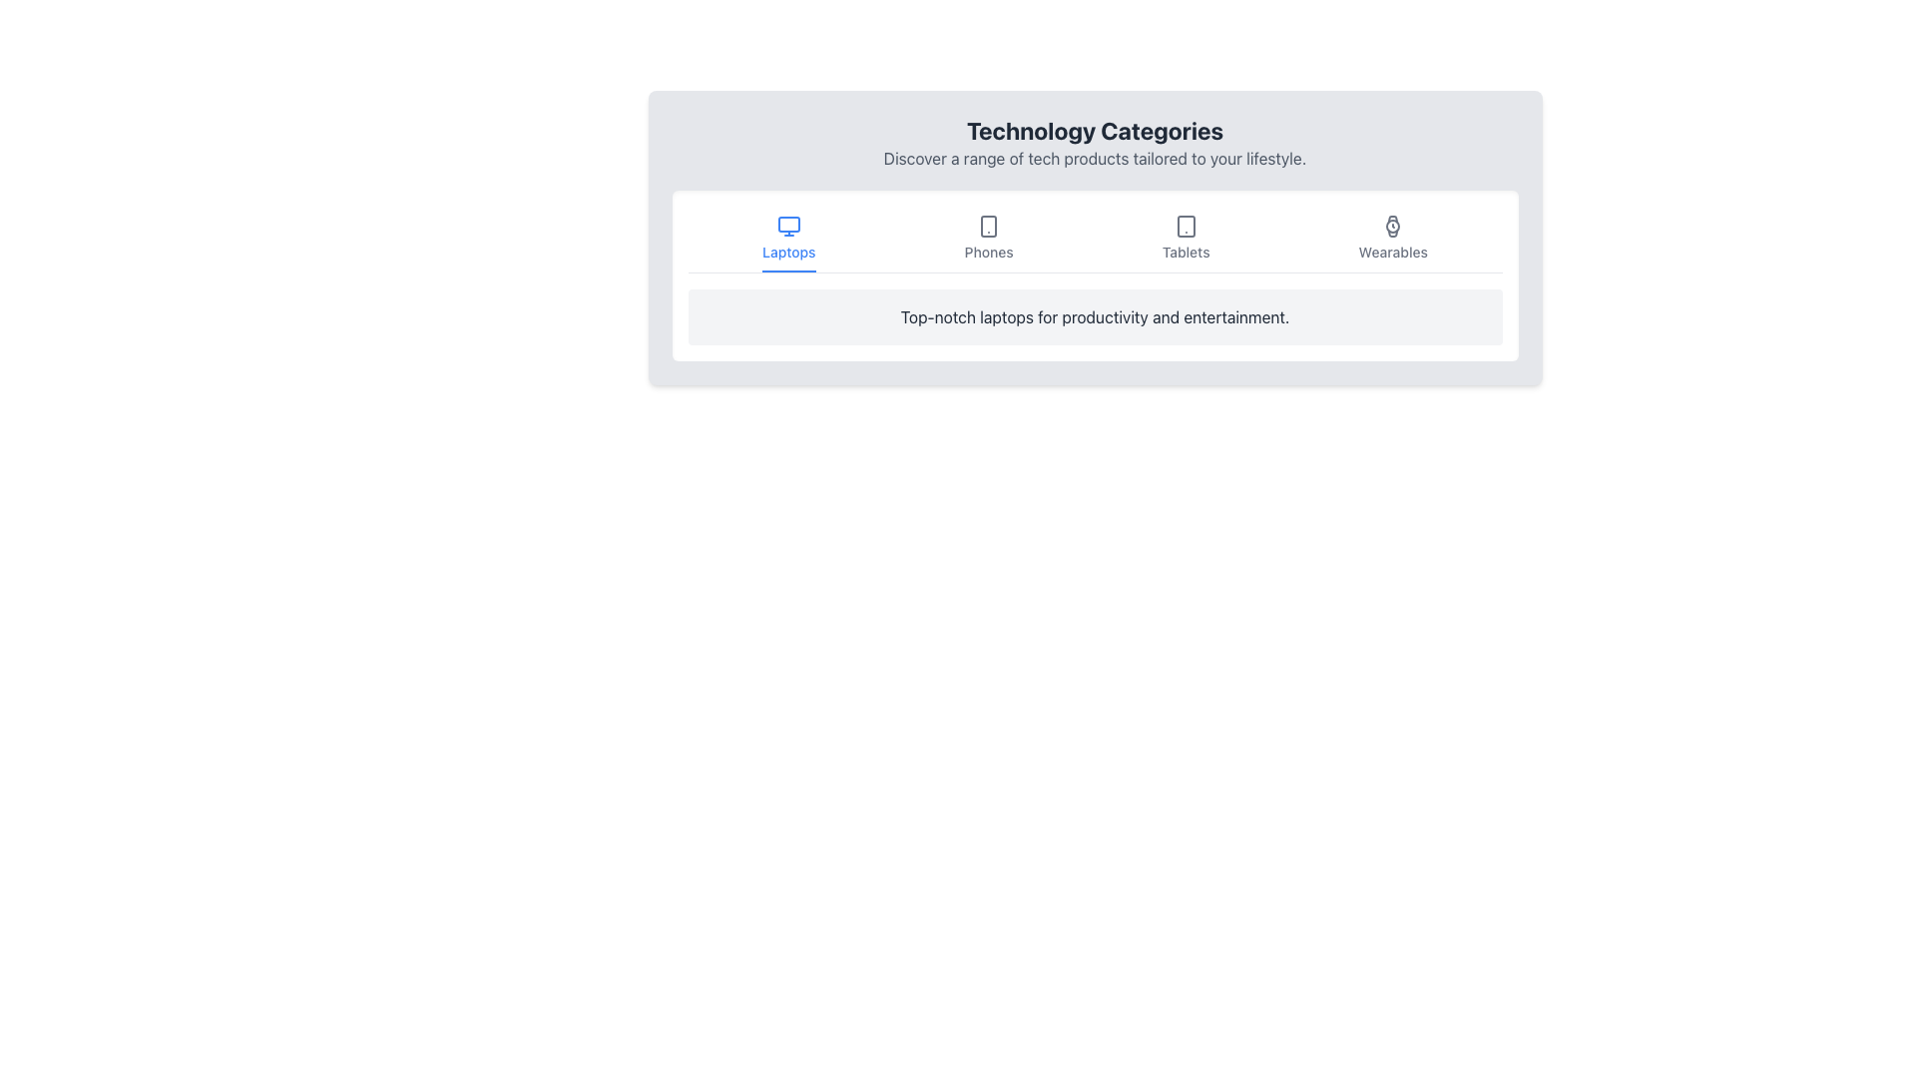 This screenshot has height=1078, width=1916. Describe the element at coordinates (989, 226) in the screenshot. I see `the larger category button that encompasses the smartphone icon representing the 'Phones' category in the horizontal menu` at that location.